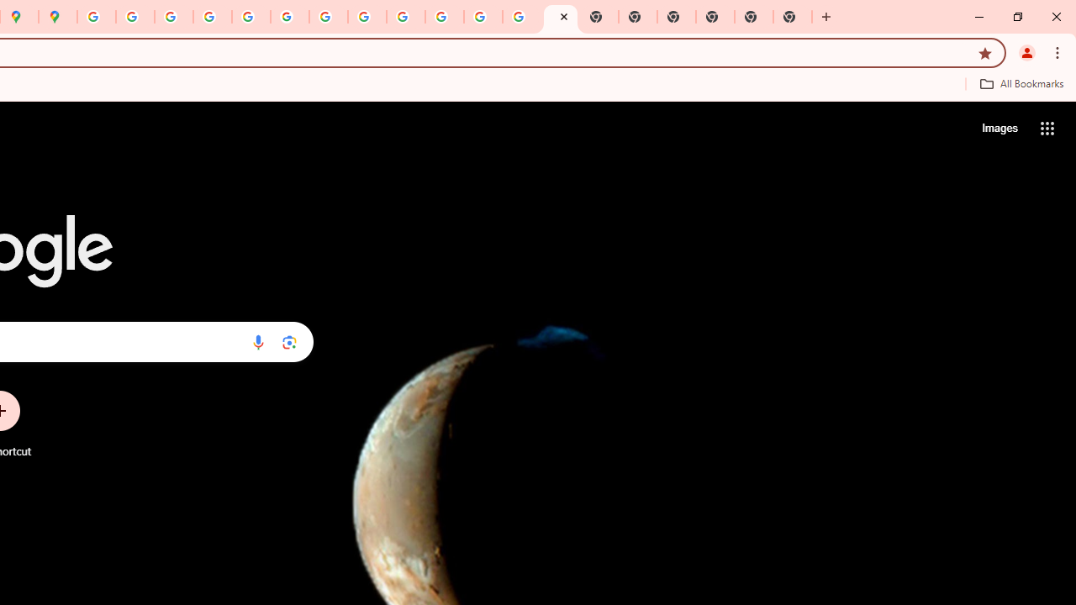  What do you see at coordinates (174, 17) in the screenshot?
I see `'Privacy Help Center - Policies Help'` at bounding box center [174, 17].